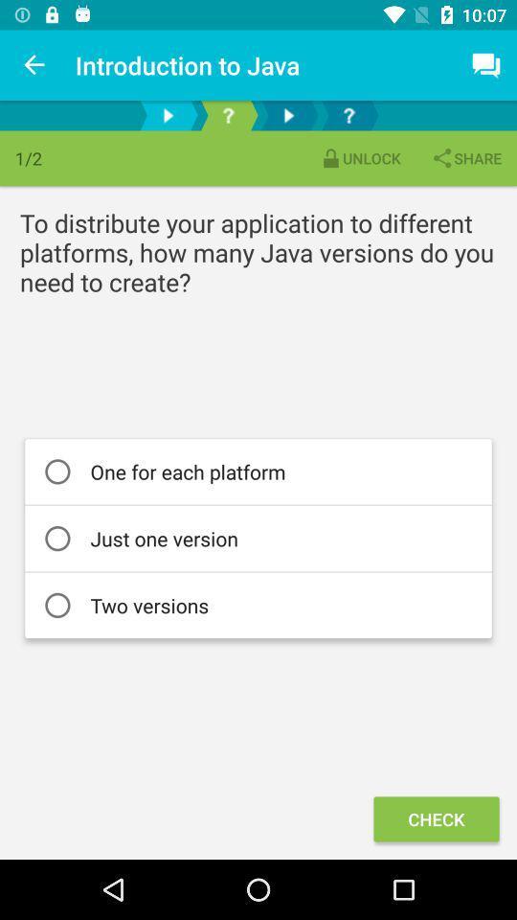 Image resolution: width=517 pixels, height=920 pixels. What do you see at coordinates (168, 115) in the screenshot?
I see `the first option below introduction to java` at bounding box center [168, 115].